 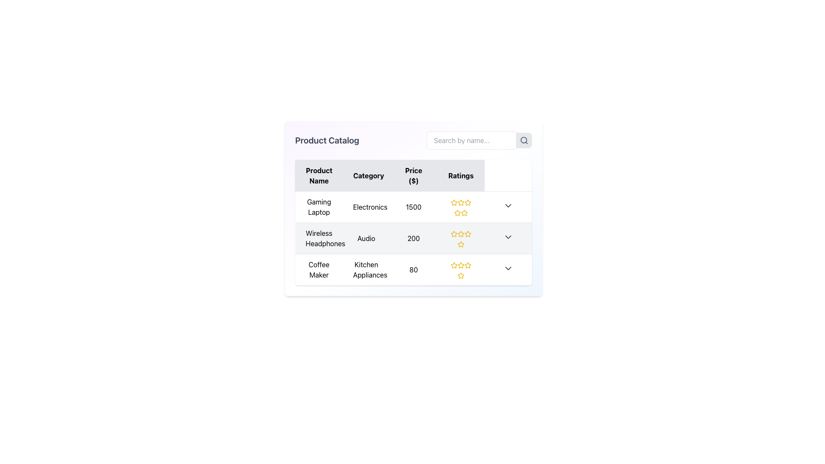 I want to click on the table header column labeled 'Price ($)', which is the third column header in a table with a gray background and bold, centered text, so click(x=413, y=175).